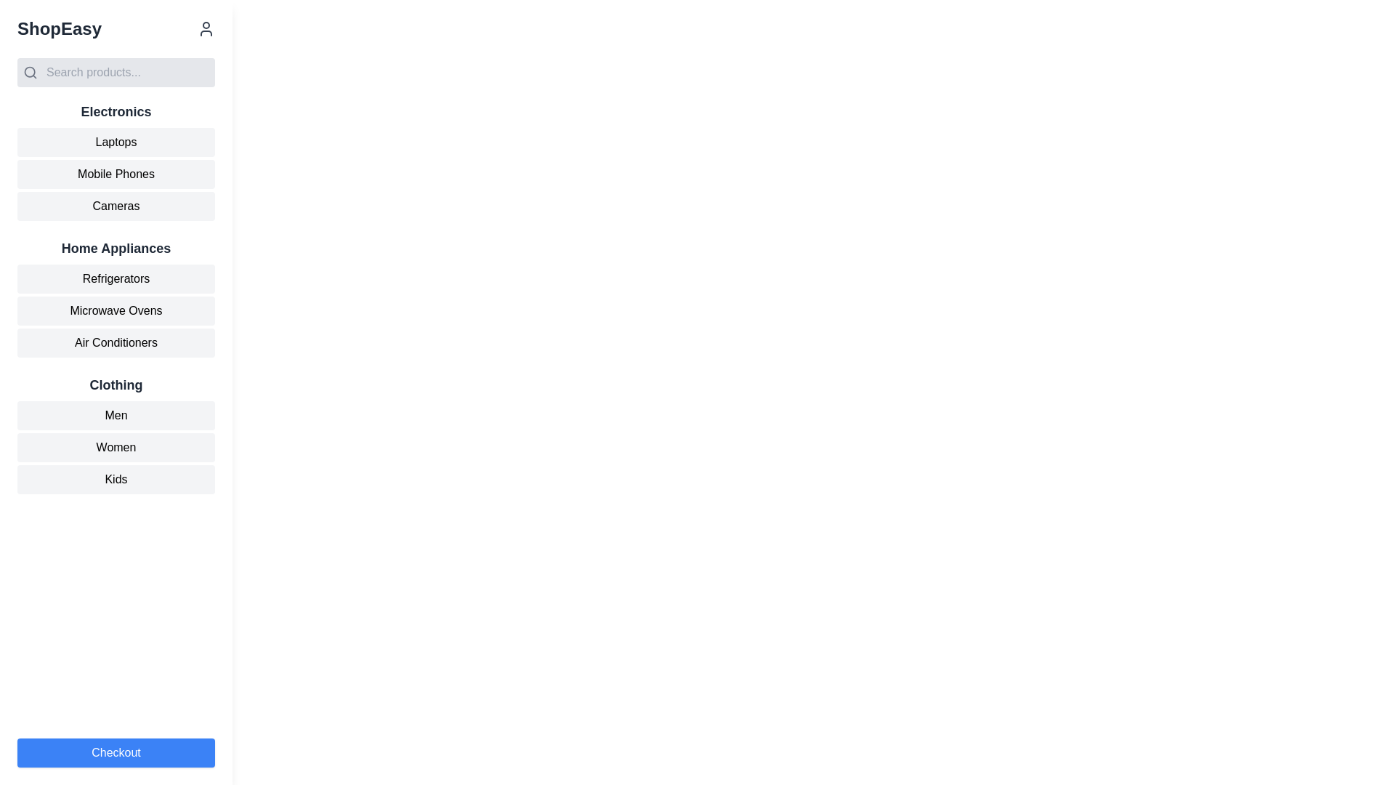 This screenshot has width=1395, height=785. Describe the element at coordinates (115, 447) in the screenshot. I see `the 'Women' button, which is a rectangular UI component with light gray background and centered text` at that location.